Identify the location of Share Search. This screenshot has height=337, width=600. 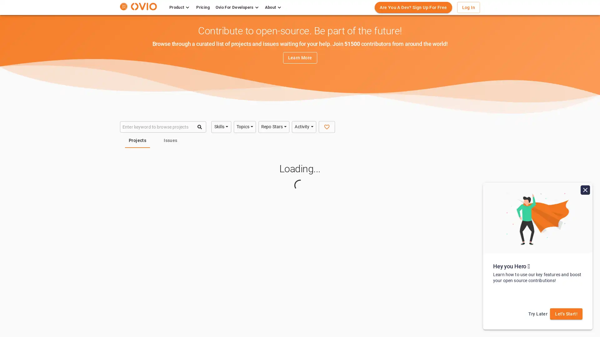
(457, 160).